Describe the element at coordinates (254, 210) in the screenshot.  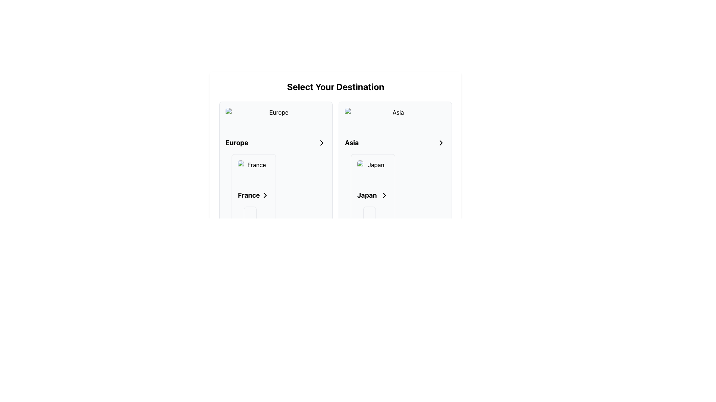
I see `the selection card for 'France' located in the left-hand column under 'Europe'` at that location.